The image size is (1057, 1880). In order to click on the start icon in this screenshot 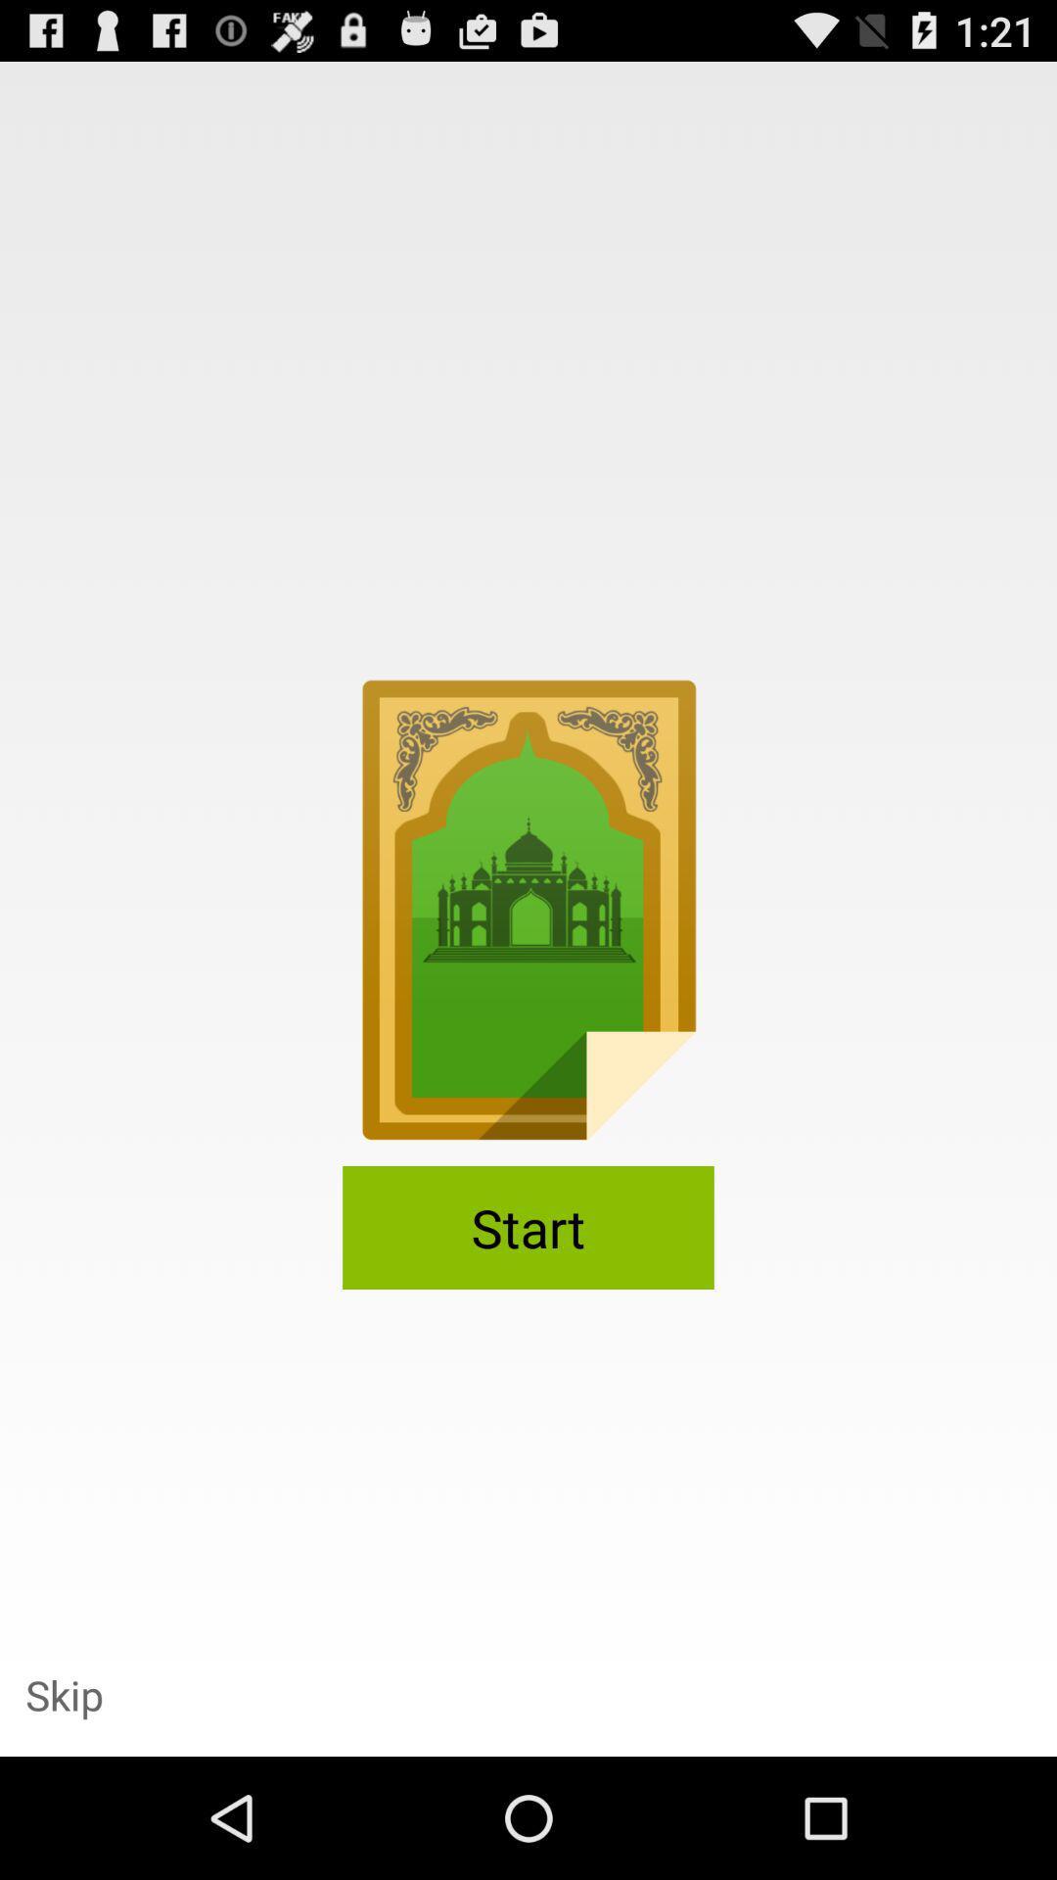, I will do `click(528, 1226)`.